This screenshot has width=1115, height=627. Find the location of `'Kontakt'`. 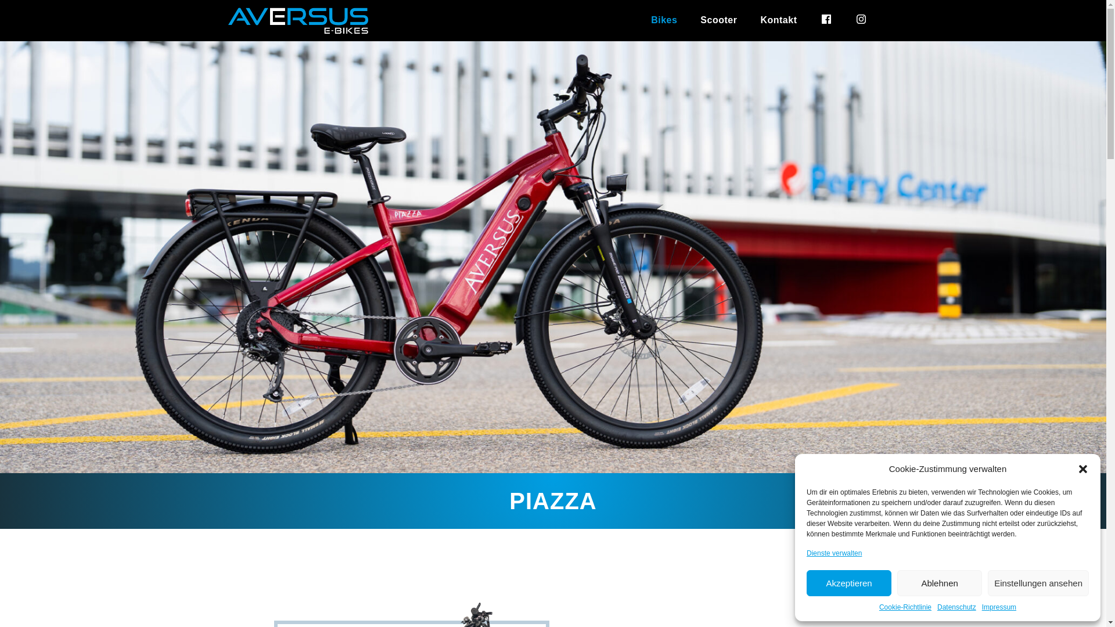

'Kontakt' is located at coordinates (778, 20).